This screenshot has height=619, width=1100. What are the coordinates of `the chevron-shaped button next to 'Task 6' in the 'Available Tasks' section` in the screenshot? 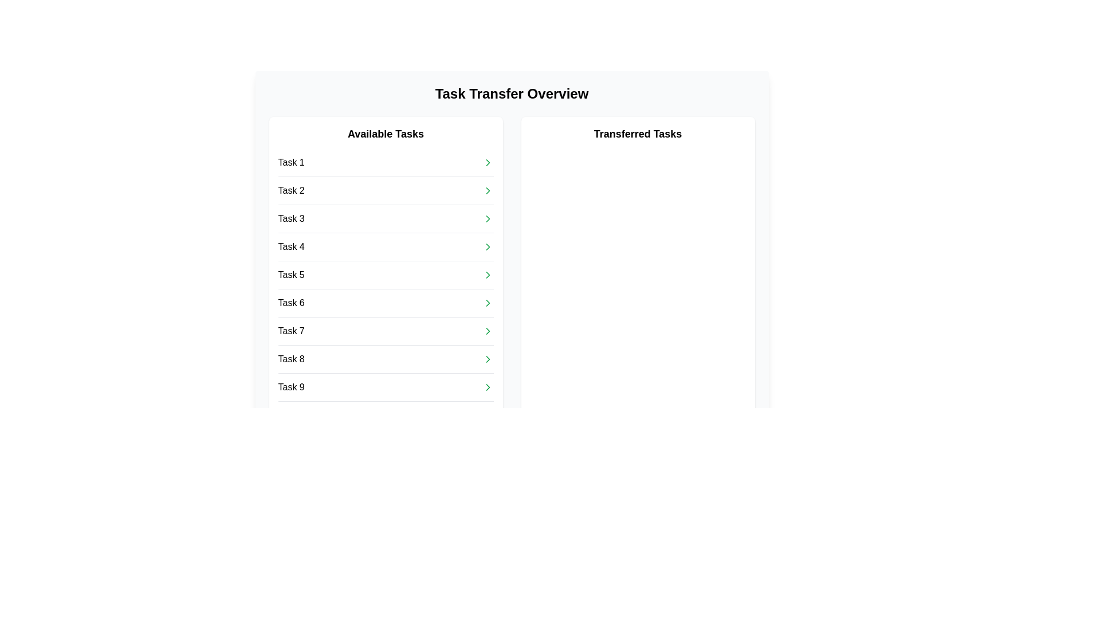 It's located at (488, 302).